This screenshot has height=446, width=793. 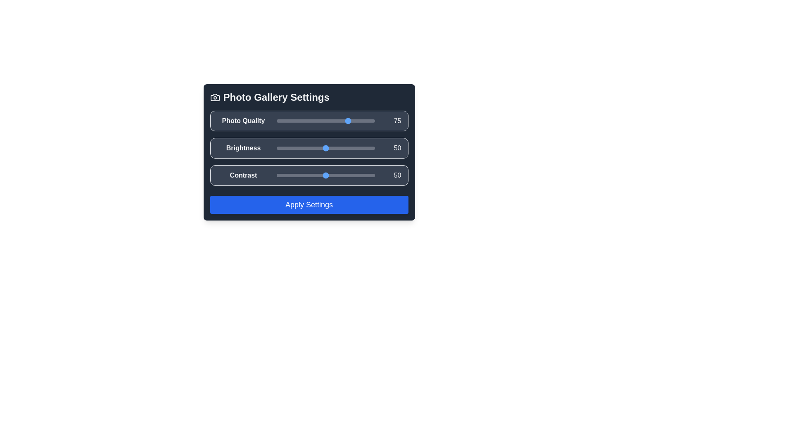 I want to click on the photo quality, so click(x=276, y=121).